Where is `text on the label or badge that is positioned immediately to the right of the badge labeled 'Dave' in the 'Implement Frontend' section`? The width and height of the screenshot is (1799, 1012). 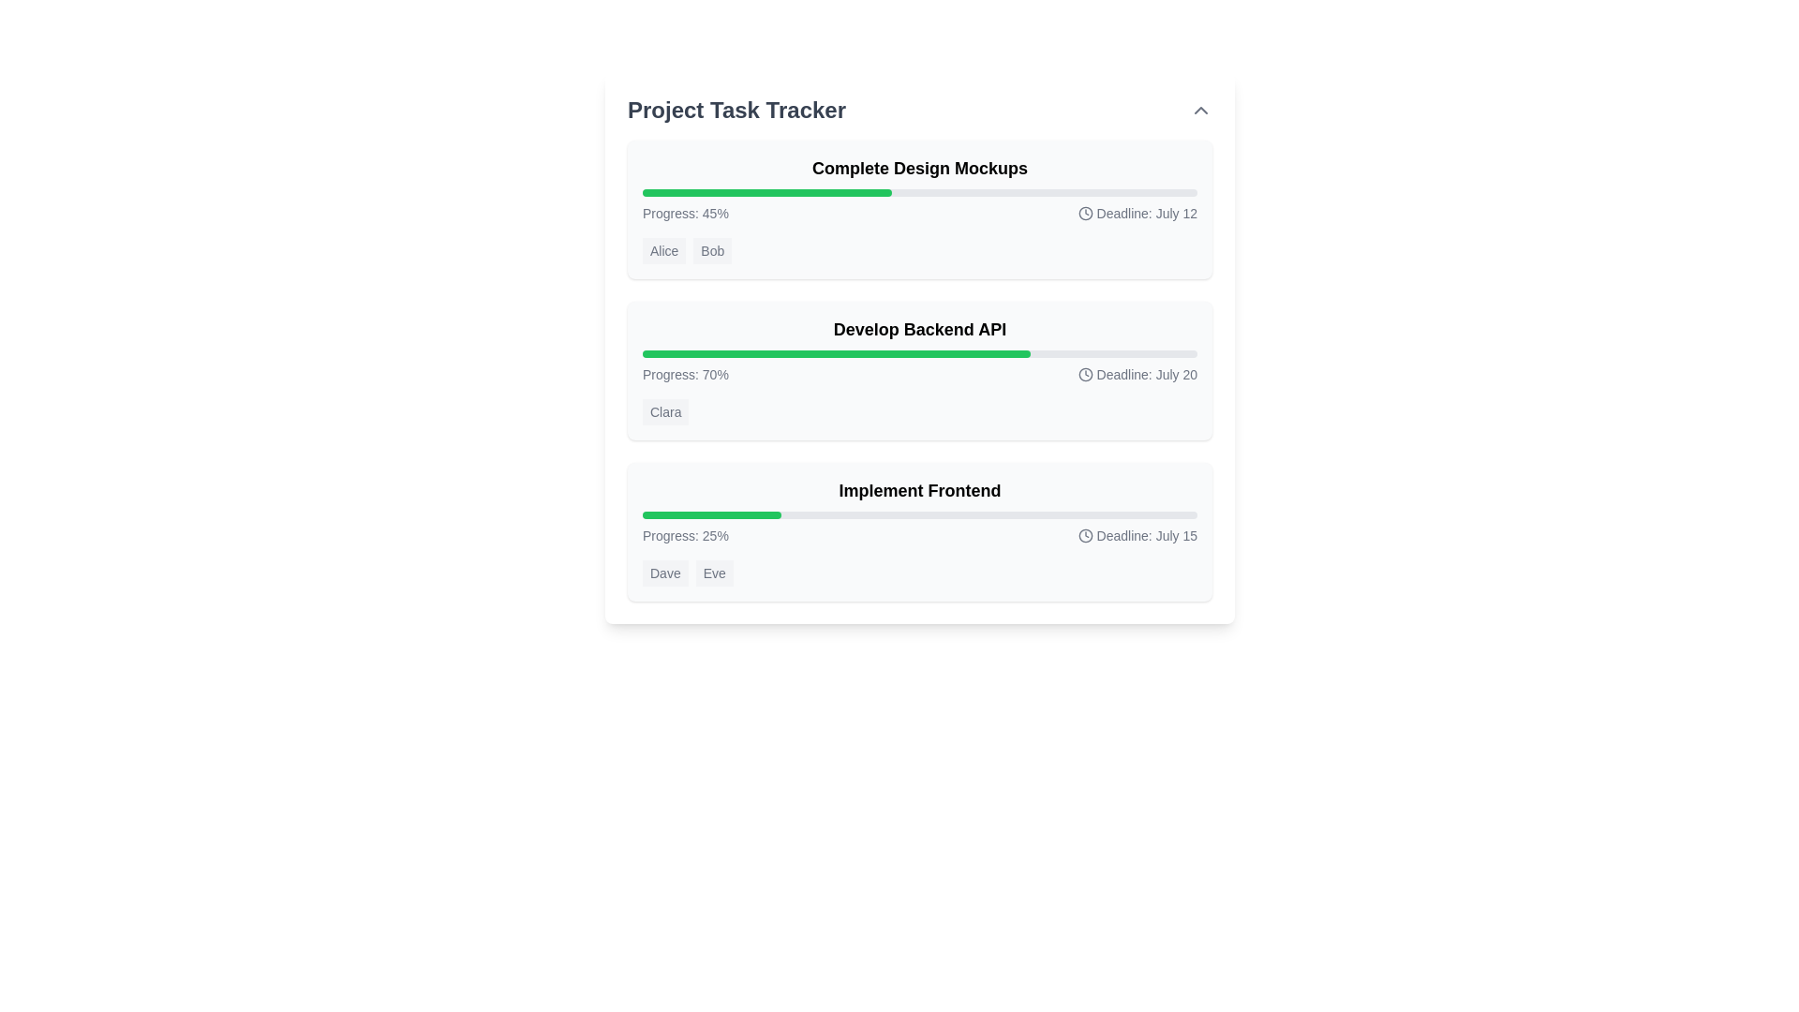
text on the label or badge that is positioned immediately to the right of the badge labeled 'Dave' in the 'Implement Frontend' section is located at coordinates (713, 573).